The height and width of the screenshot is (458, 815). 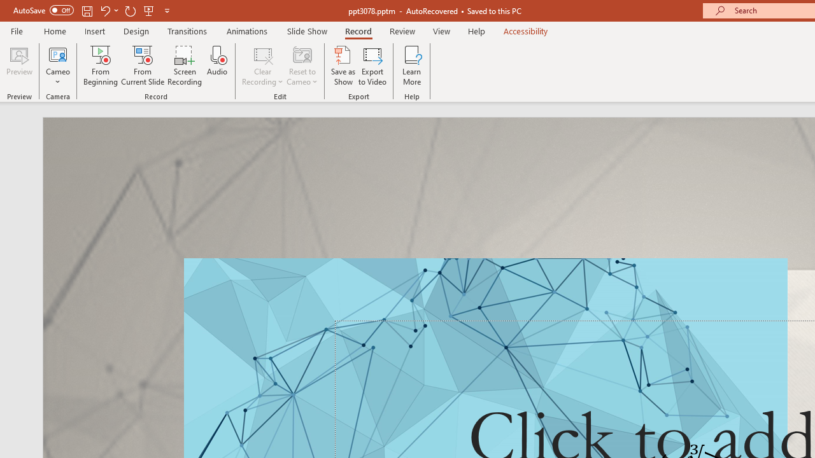 What do you see at coordinates (57, 66) in the screenshot?
I see `'Cameo'` at bounding box center [57, 66].